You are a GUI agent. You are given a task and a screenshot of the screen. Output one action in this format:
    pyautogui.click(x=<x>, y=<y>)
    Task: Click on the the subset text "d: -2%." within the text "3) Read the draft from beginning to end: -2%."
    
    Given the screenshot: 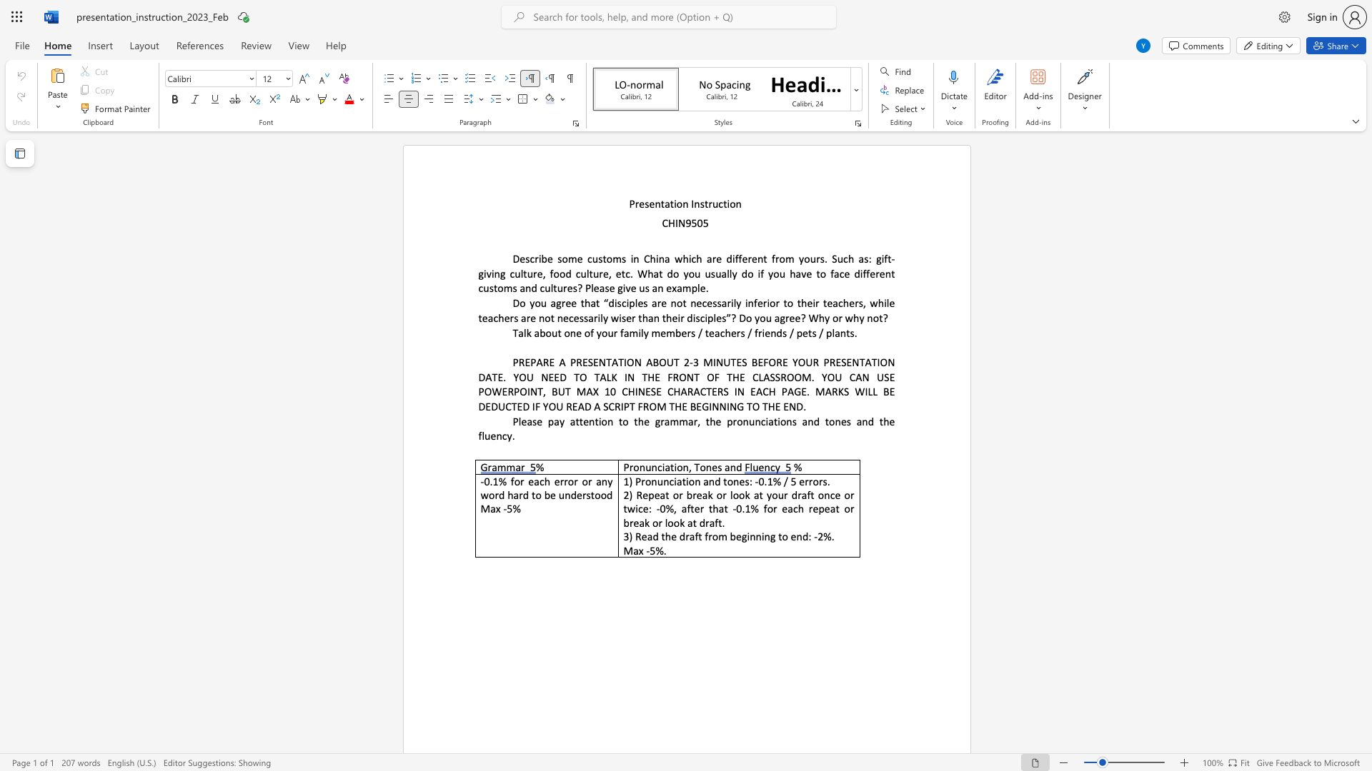 What is the action you would take?
    pyautogui.click(x=802, y=536)
    